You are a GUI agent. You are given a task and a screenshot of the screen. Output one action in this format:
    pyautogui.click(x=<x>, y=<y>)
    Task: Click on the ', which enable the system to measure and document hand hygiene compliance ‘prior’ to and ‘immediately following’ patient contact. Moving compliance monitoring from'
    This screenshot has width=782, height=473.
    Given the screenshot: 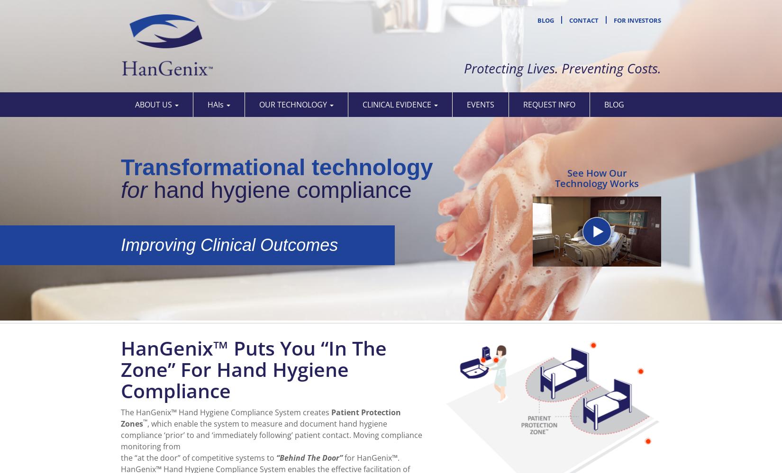 What is the action you would take?
    pyautogui.click(x=271, y=434)
    